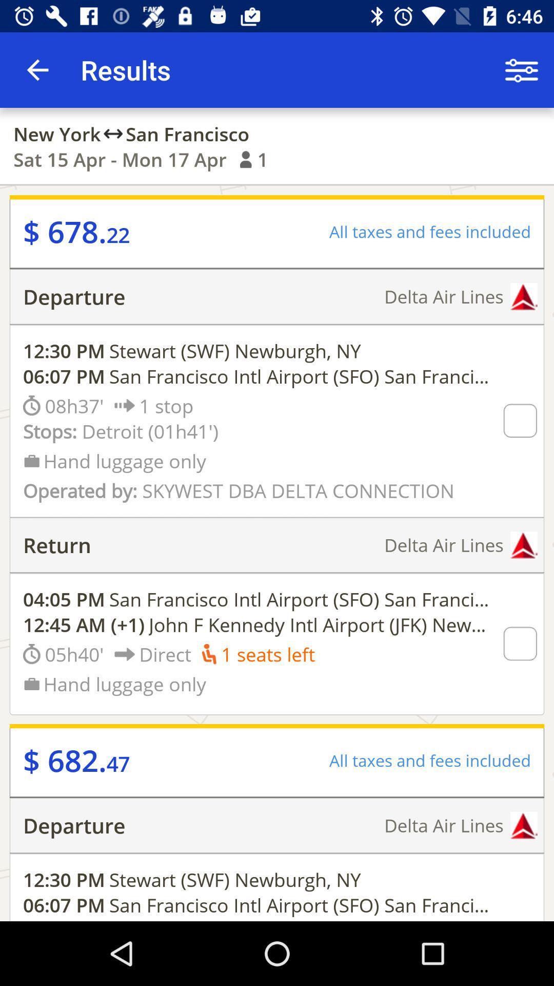  What do you see at coordinates (522, 69) in the screenshot?
I see `the item next to the results` at bounding box center [522, 69].